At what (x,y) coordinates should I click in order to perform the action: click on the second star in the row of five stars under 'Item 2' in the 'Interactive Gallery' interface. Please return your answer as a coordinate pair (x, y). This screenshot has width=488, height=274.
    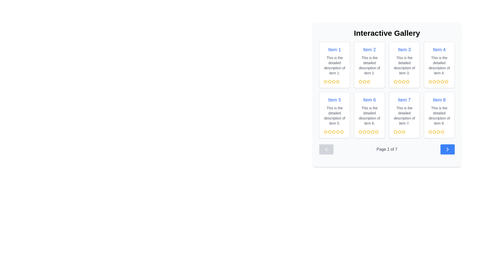
    Looking at the image, I should click on (364, 81).